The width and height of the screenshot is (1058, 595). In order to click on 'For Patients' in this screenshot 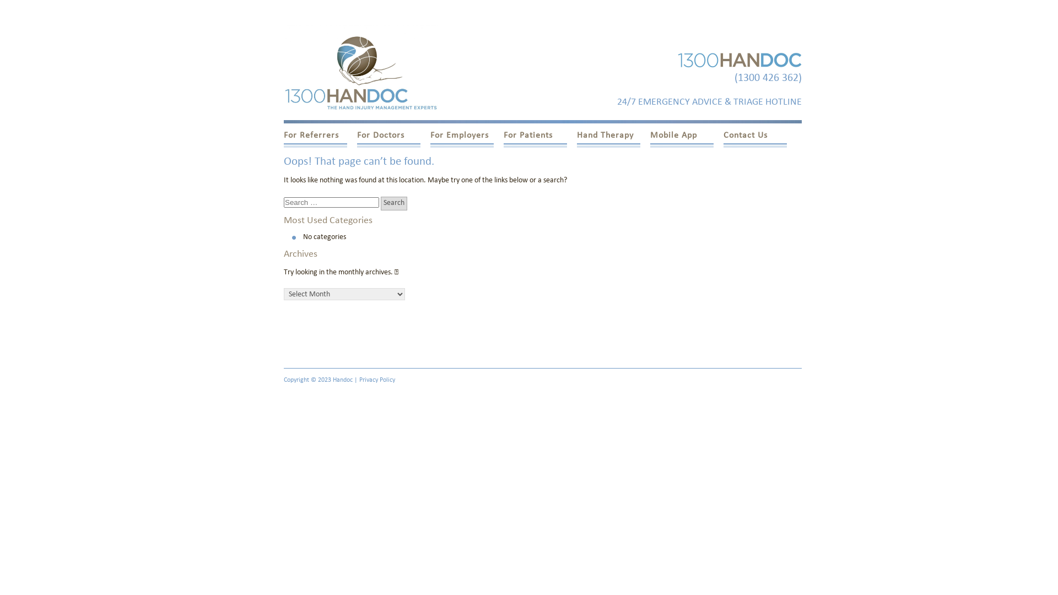, I will do `click(503, 139)`.